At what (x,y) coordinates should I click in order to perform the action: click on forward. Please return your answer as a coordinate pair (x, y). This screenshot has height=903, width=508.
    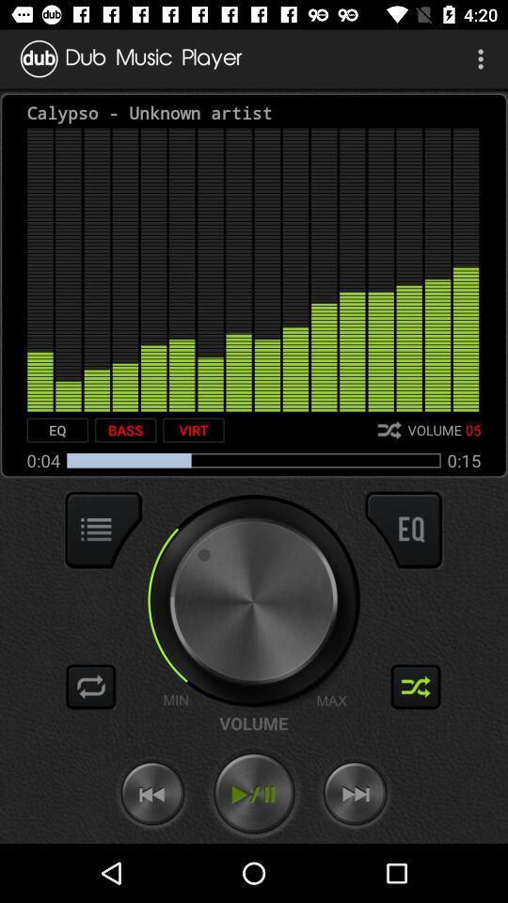
    Looking at the image, I should click on (355, 793).